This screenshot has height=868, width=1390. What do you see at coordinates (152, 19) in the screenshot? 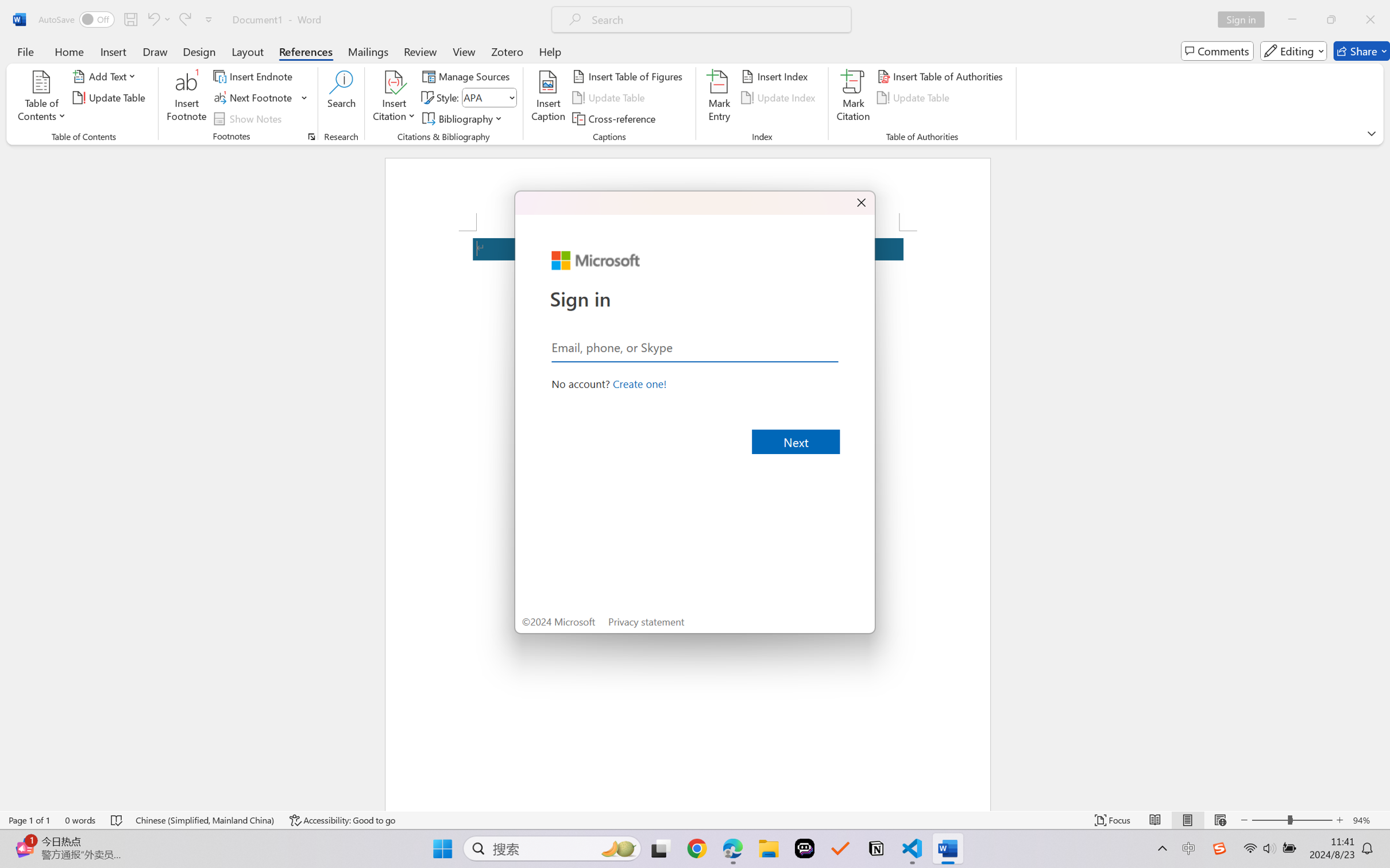
I see `'Undo Apply Quick Style Set'` at bounding box center [152, 19].